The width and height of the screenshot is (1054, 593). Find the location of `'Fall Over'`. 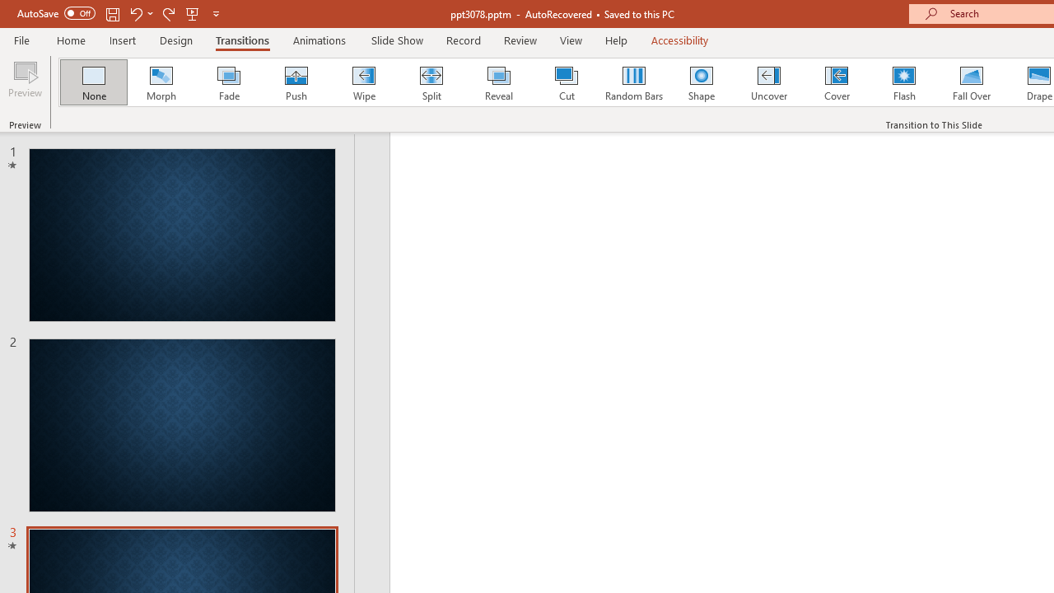

'Fall Over' is located at coordinates (972, 82).